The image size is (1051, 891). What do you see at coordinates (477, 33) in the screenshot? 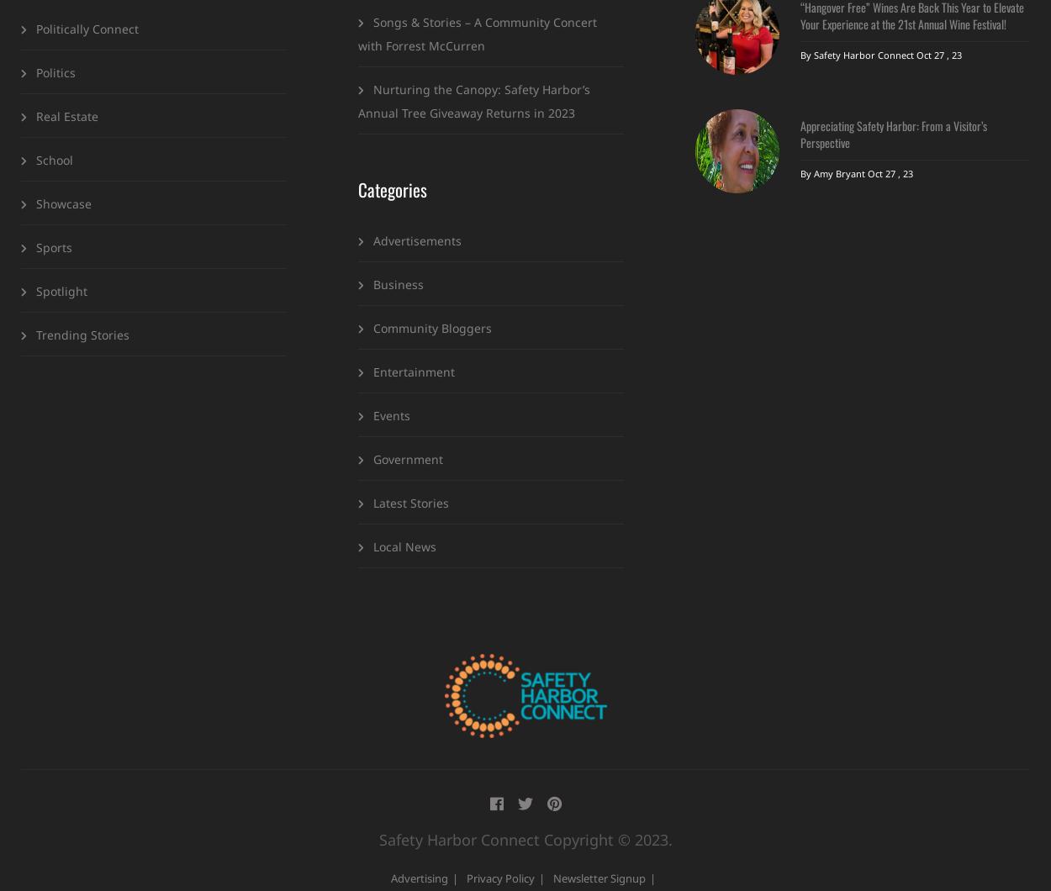
I see `'Songs & Stories – A Community Concert with Forrest McCurren'` at bounding box center [477, 33].